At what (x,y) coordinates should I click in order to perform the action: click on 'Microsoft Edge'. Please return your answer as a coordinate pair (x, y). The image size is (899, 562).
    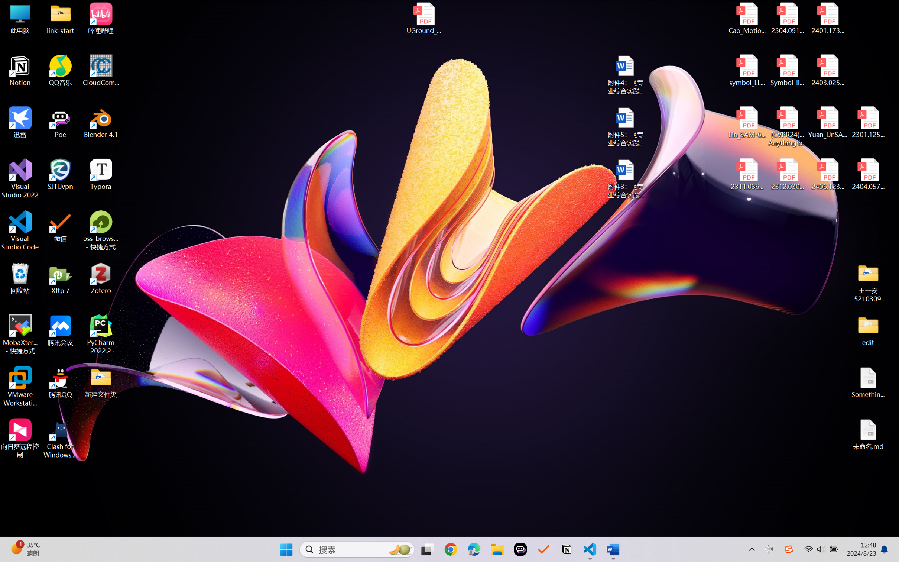
    Looking at the image, I should click on (474, 549).